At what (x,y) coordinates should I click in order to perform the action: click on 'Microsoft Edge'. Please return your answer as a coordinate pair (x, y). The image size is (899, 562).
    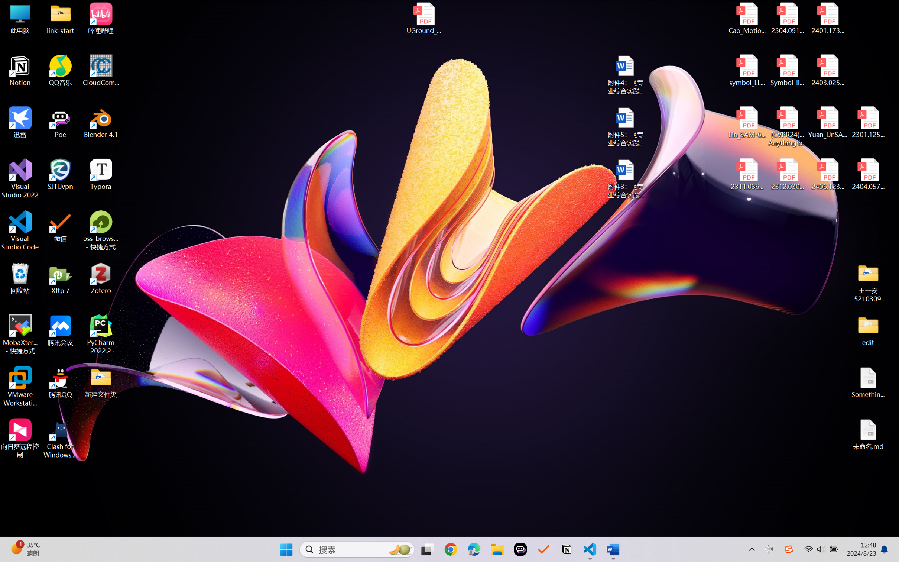
    Looking at the image, I should click on (474, 549).